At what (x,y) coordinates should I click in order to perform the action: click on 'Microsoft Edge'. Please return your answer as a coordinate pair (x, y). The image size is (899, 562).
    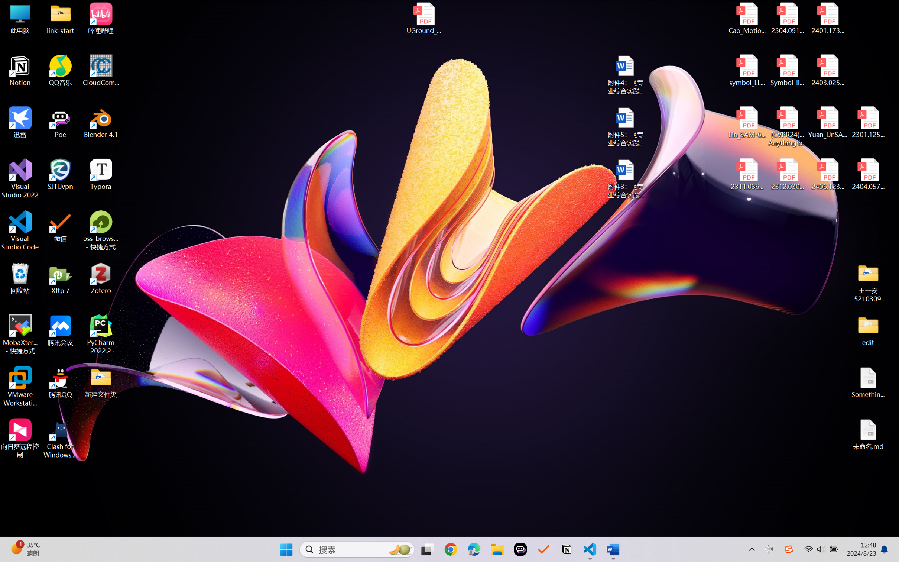
    Looking at the image, I should click on (474, 549).